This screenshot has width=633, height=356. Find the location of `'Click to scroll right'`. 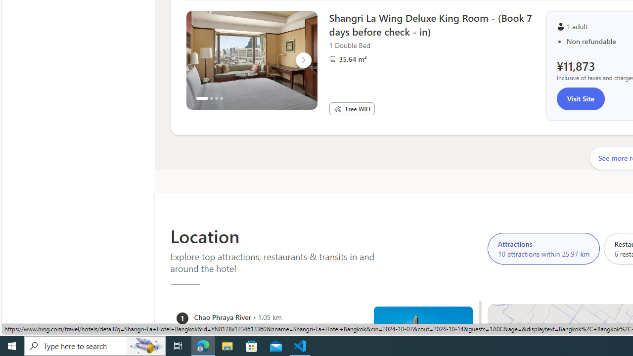

'Click to scroll right' is located at coordinates (303, 60).